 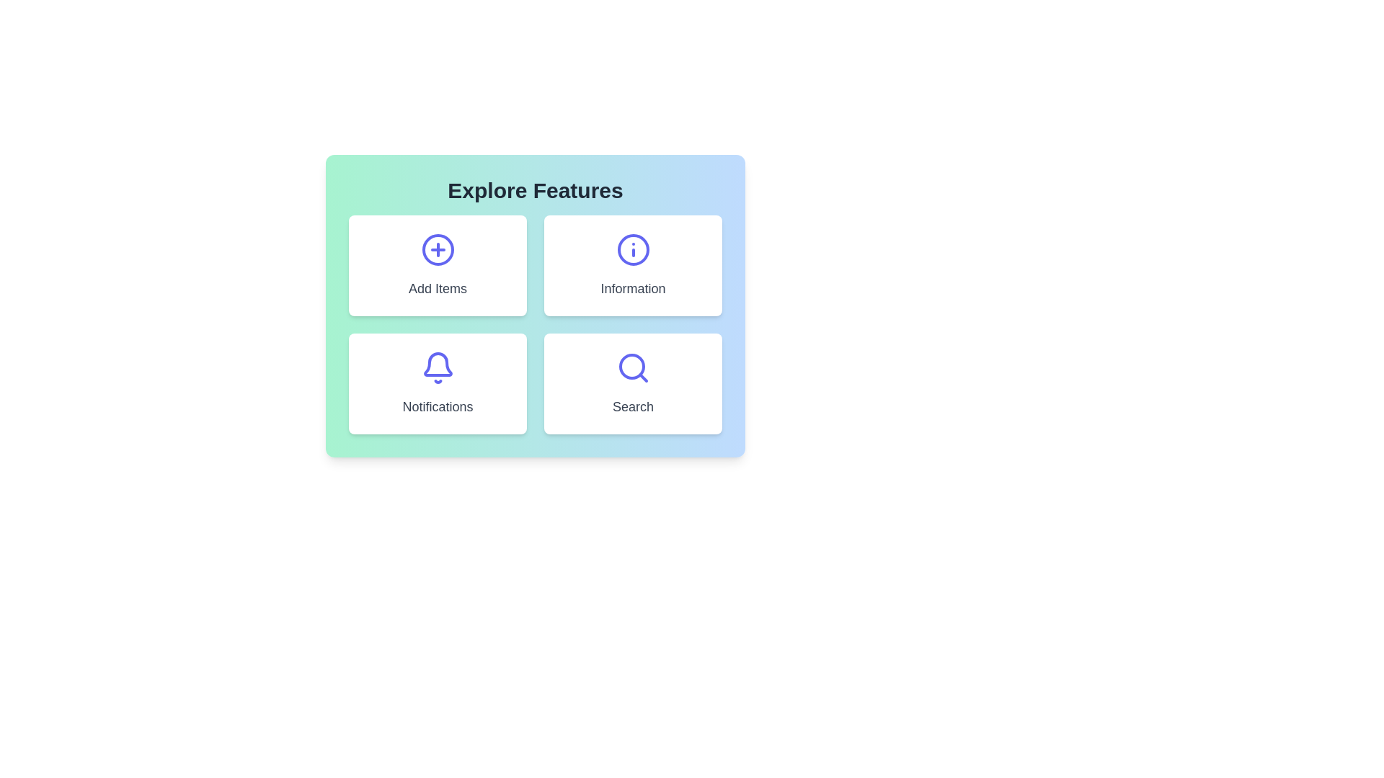 What do you see at coordinates (437, 383) in the screenshot?
I see `the Notifications button located in the bottom-left position of the 2x2 grid layout` at bounding box center [437, 383].